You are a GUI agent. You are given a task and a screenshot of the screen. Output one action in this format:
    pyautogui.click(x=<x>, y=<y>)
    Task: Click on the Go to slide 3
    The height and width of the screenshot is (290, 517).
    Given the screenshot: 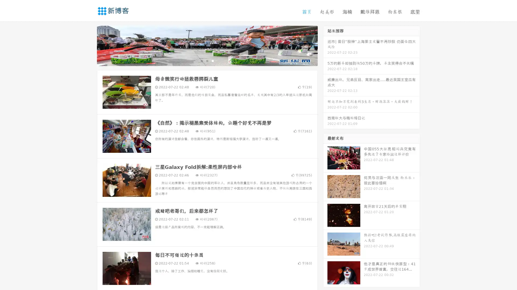 What is the action you would take?
    pyautogui.click(x=212, y=60)
    